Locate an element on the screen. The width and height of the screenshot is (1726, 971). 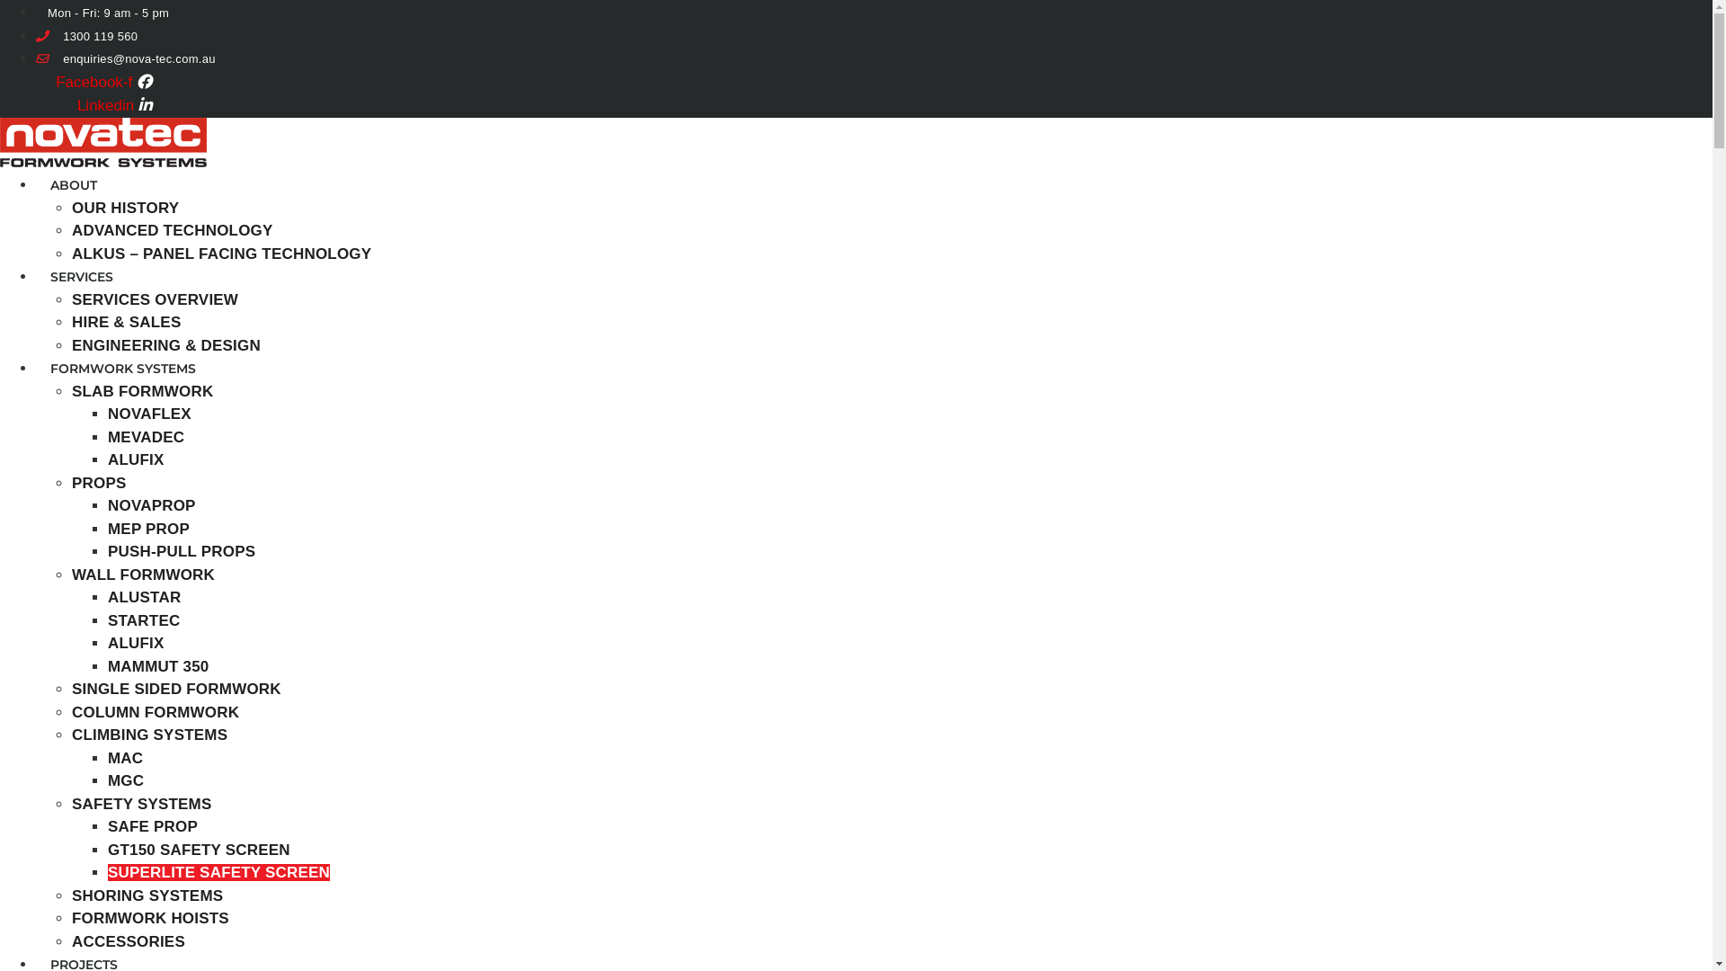
'SAFETY SYSTEMS' is located at coordinates (72, 803).